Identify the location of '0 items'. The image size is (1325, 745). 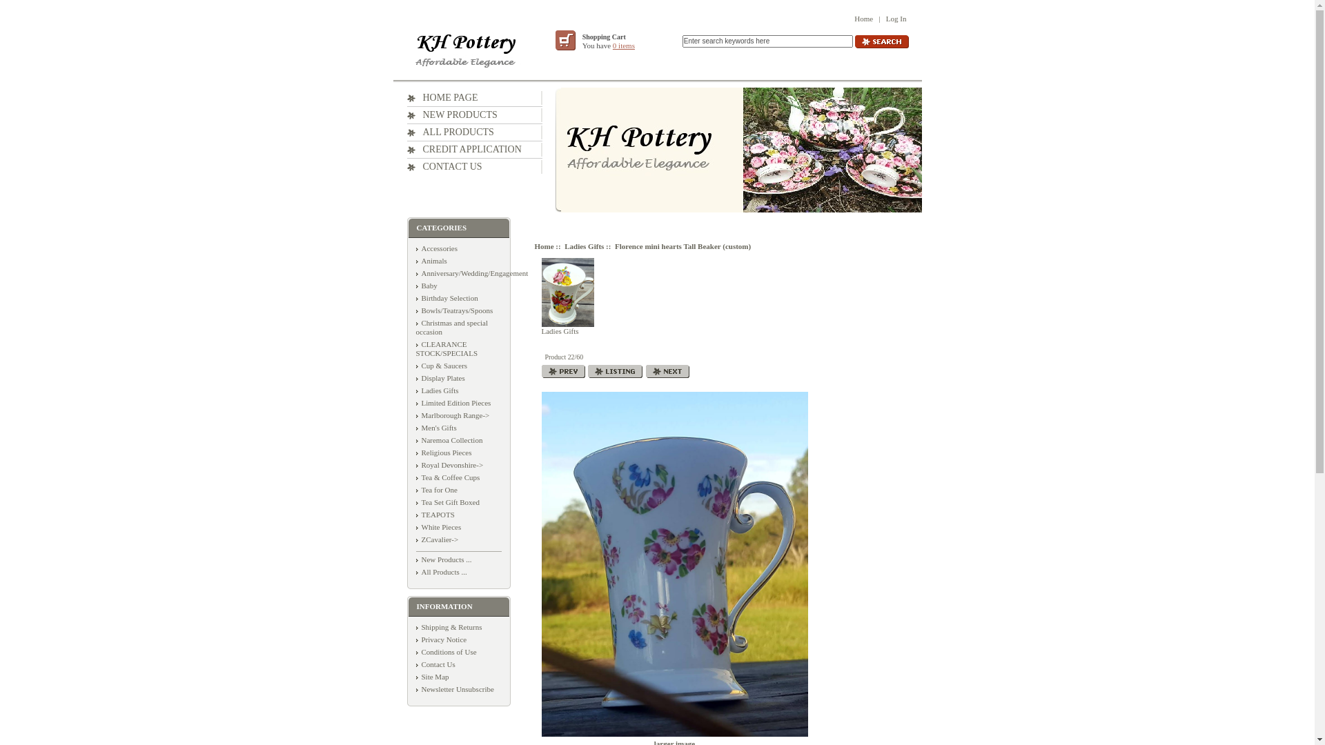
(622, 44).